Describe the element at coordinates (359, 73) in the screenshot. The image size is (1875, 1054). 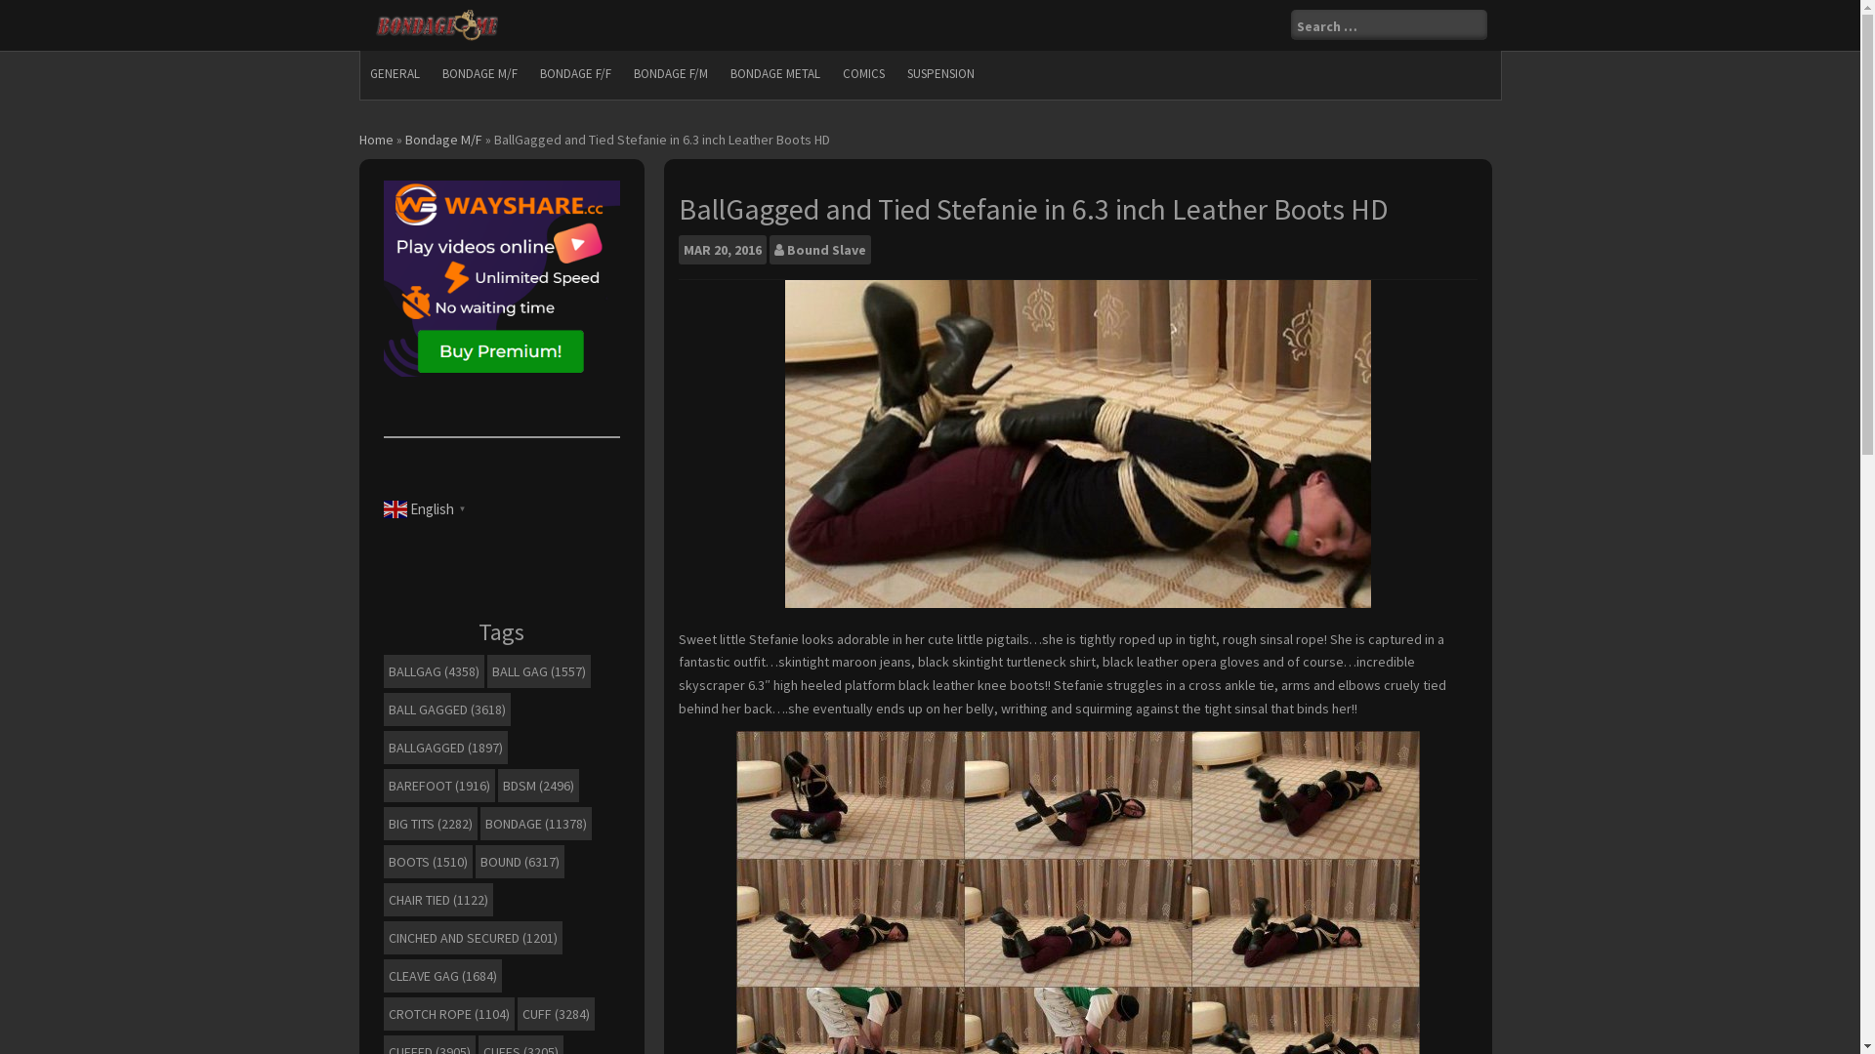
I see `'GENERAL'` at that location.